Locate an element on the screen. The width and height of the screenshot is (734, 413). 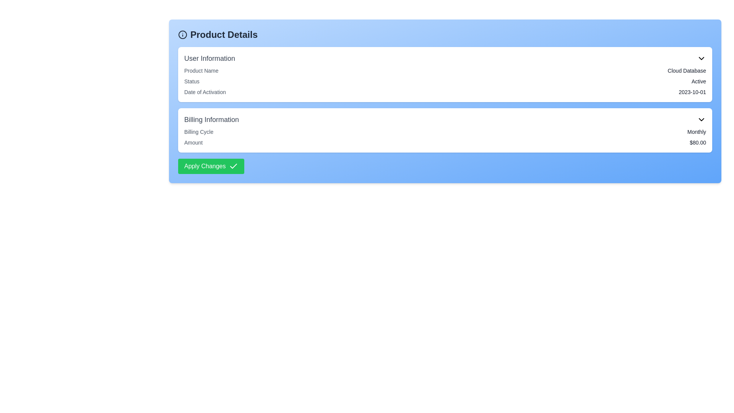
the 'Product Name' text label displayed in black font on a white background within the 'User Information' section is located at coordinates (201, 71).